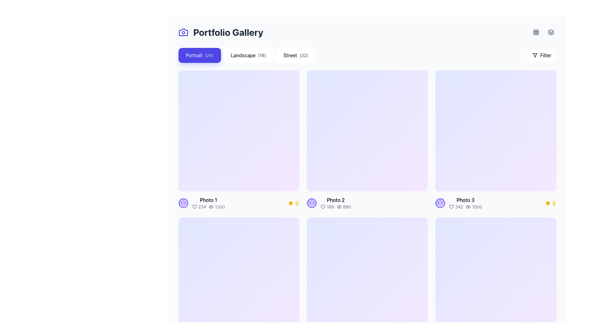 Image resolution: width=597 pixels, height=336 pixels. What do you see at coordinates (367, 203) in the screenshot?
I see `the title 'Photo 2' in the horizontal information panel located below the photo preview in the second column of the grid layout` at bounding box center [367, 203].